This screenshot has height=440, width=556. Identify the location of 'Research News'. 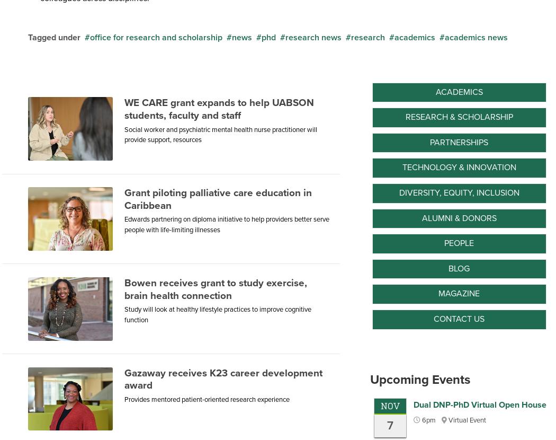
(285, 36).